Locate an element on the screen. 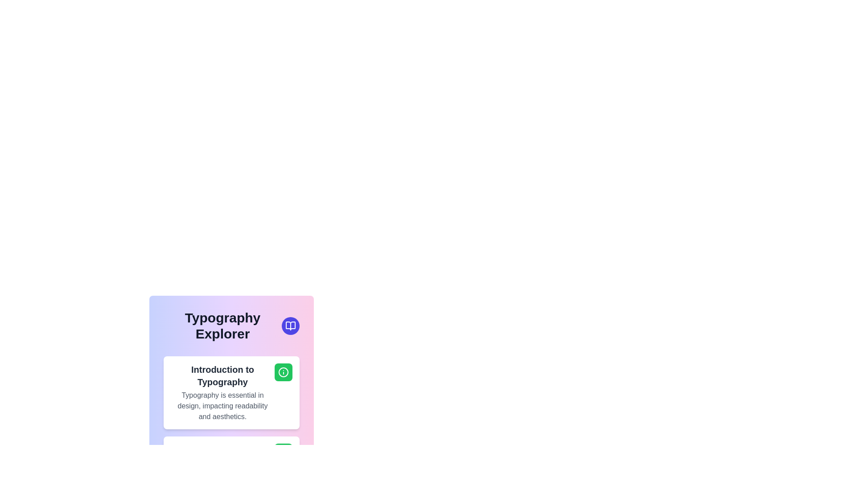 Image resolution: width=856 pixels, height=481 pixels. the iconic button located in the bottom right corner of the 'Introduction to Typography' card is located at coordinates (283, 372).